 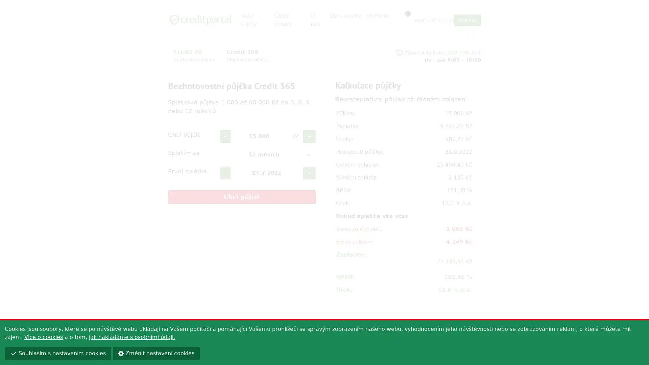 What do you see at coordinates (309, 136) in the screenshot?
I see `+` at bounding box center [309, 136].